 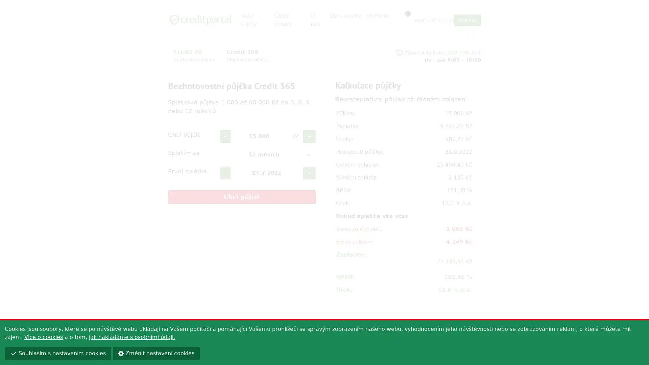 What do you see at coordinates (309, 136) in the screenshot?
I see `+` at bounding box center [309, 136].